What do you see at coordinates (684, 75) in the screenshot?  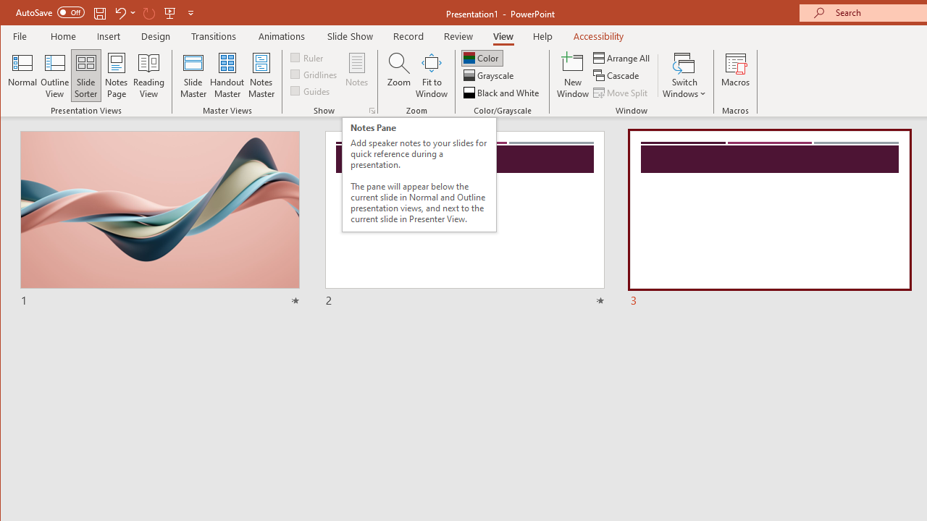 I see `'Switch Windows'` at bounding box center [684, 75].